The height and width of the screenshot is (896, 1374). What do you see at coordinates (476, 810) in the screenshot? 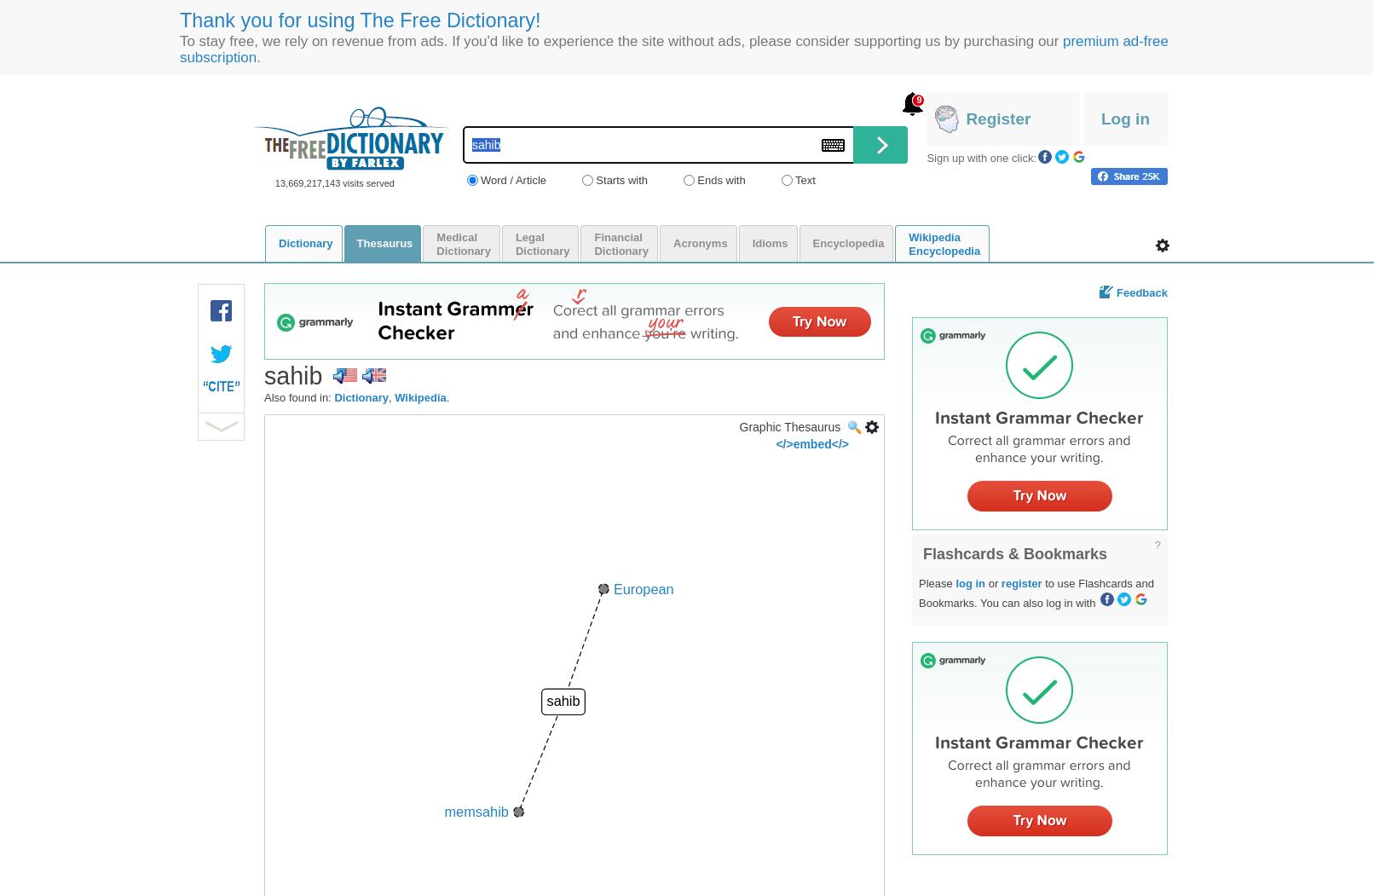
I see `'memsahib'` at bounding box center [476, 810].